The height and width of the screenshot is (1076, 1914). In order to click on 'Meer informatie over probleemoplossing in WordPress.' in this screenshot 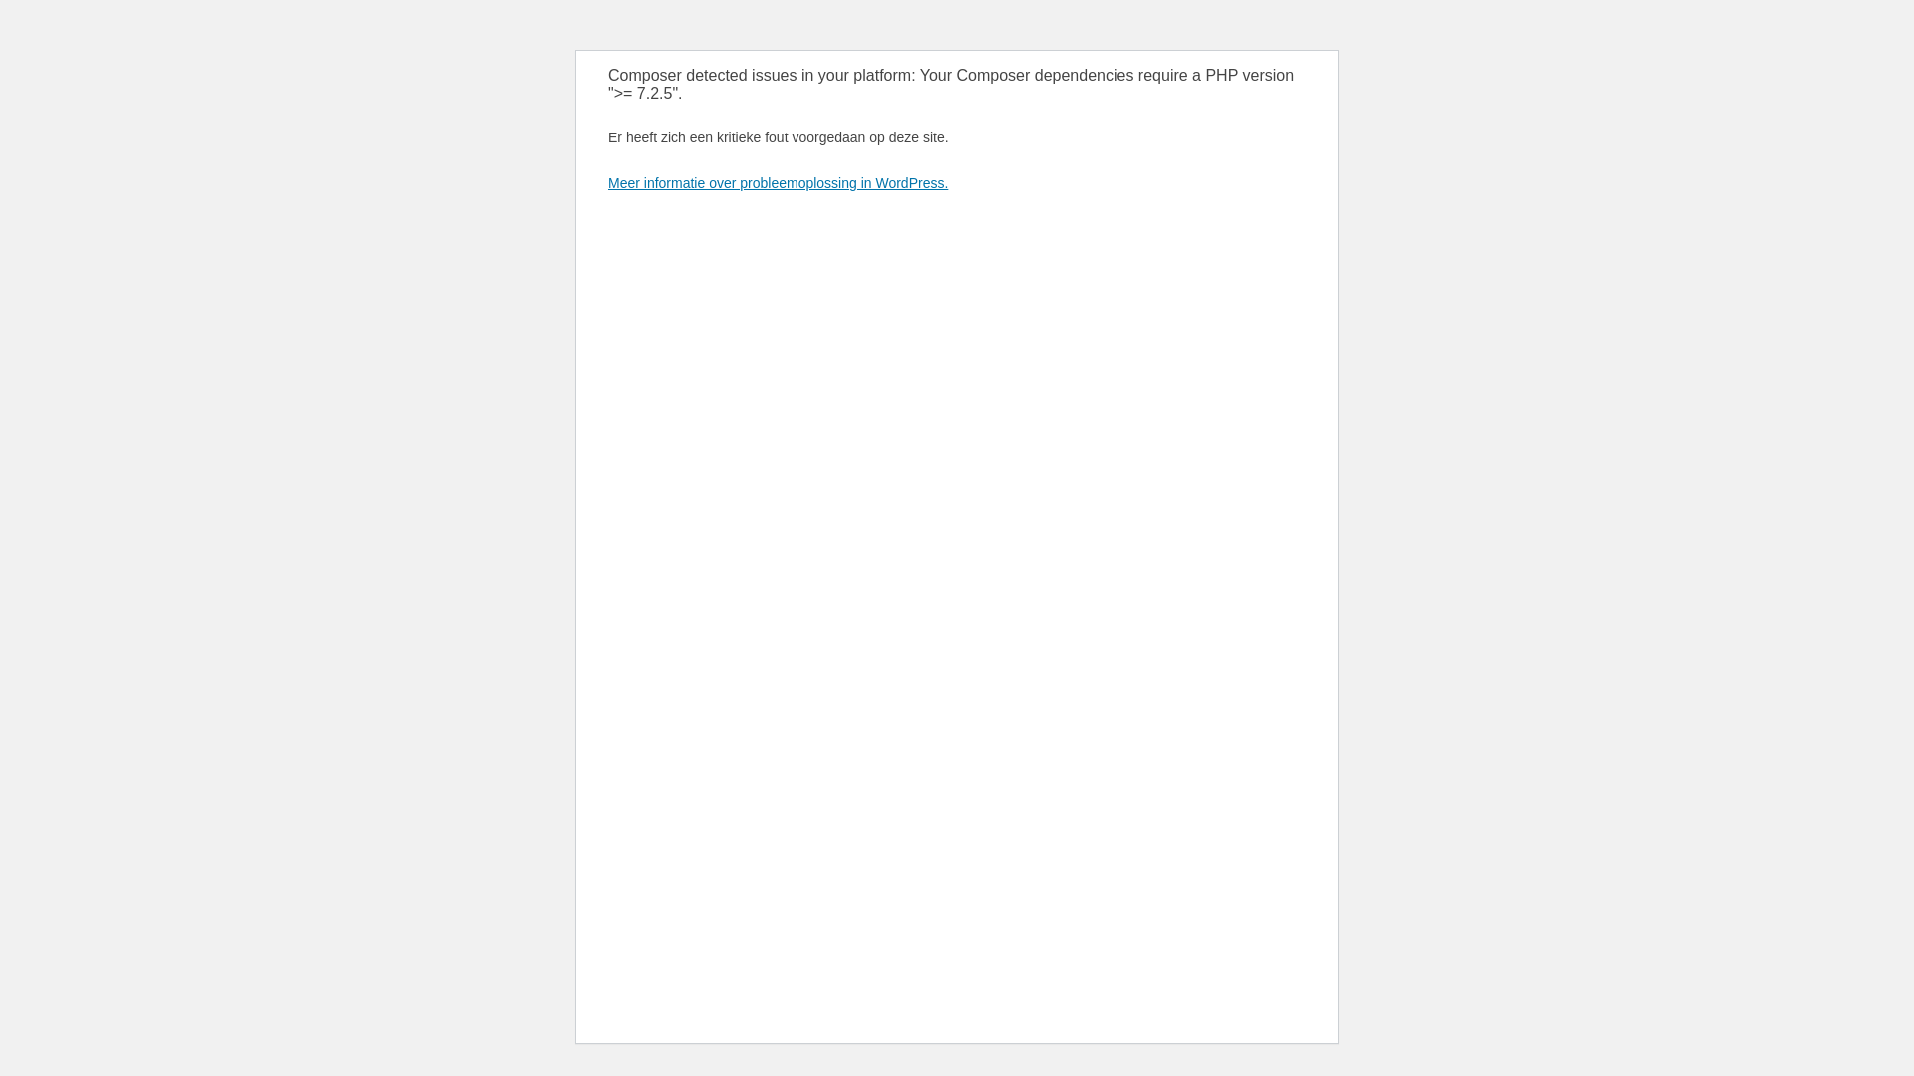, I will do `click(777, 183)`.